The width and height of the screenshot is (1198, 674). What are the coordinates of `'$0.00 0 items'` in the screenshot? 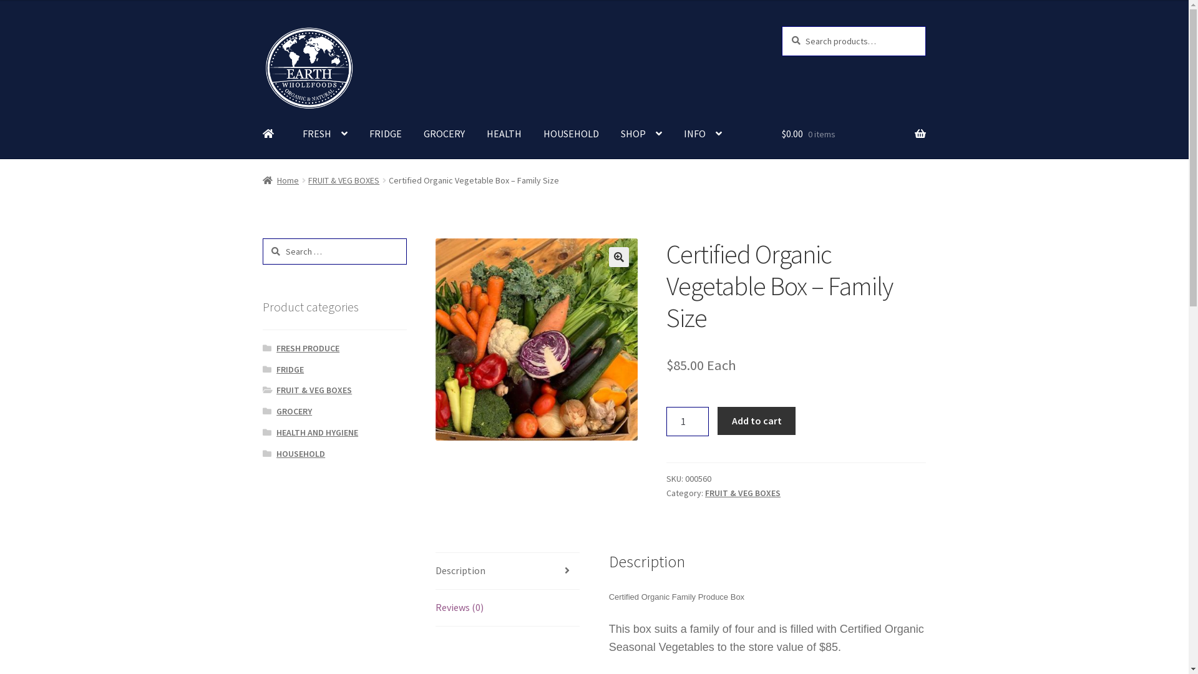 It's located at (853, 135).